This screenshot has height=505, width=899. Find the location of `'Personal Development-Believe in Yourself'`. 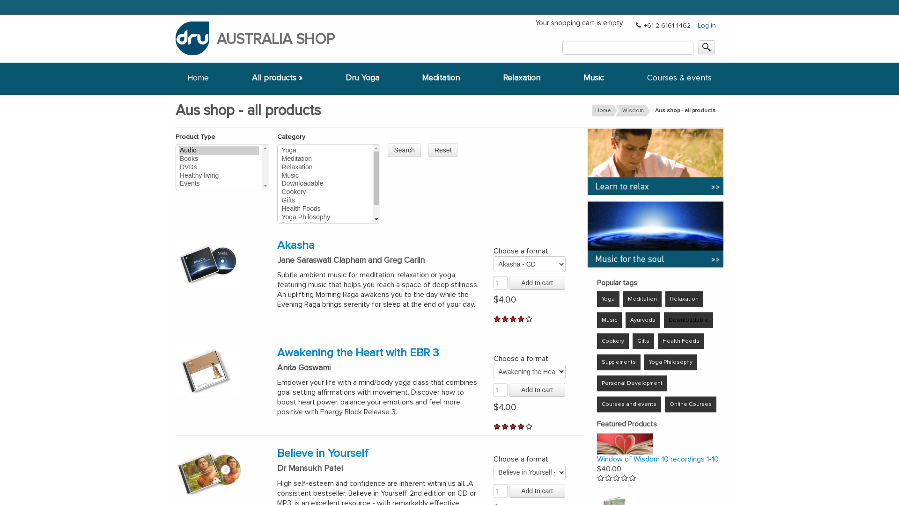

'Personal Development-Believe in Yourself' is located at coordinates (208, 471).